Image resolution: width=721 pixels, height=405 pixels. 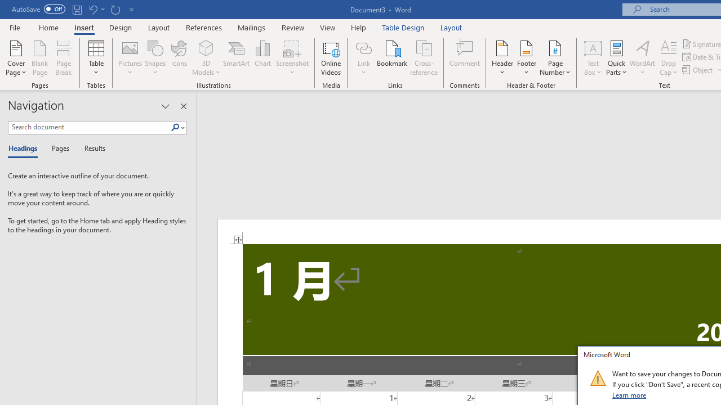 What do you see at coordinates (423, 58) in the screenshot?
I see `'Cross-reference...'` at bounding box center [423, 58].